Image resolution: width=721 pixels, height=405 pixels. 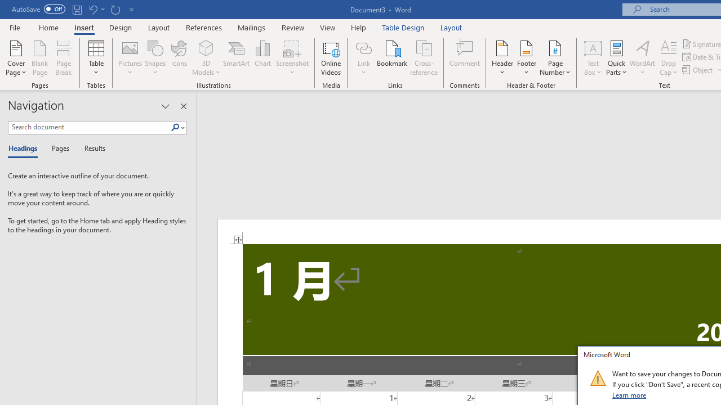 What do you see at coordinates (423, 58) in the screenshot?
I see `'Cross-reference...'` at bounding box center [423, 58].